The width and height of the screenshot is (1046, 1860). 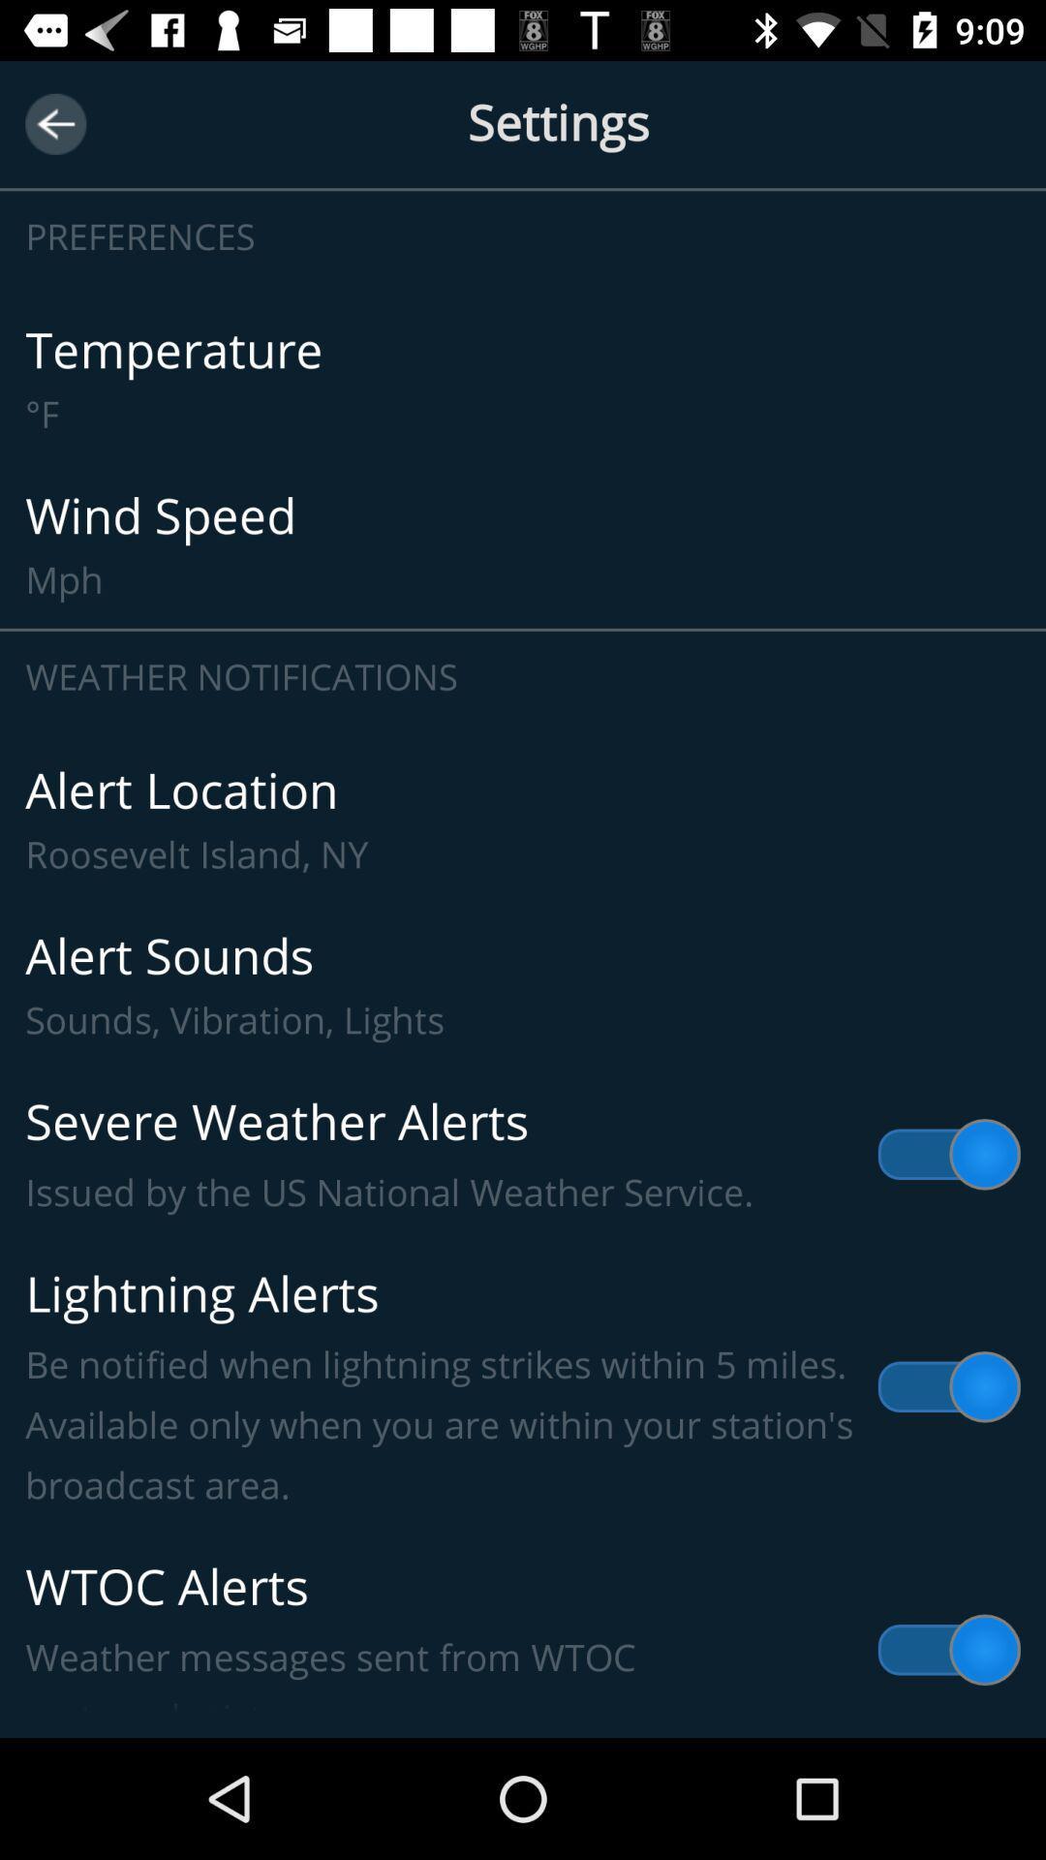 I want to click on alert sounds sounds item, so click(x=523, y=985).